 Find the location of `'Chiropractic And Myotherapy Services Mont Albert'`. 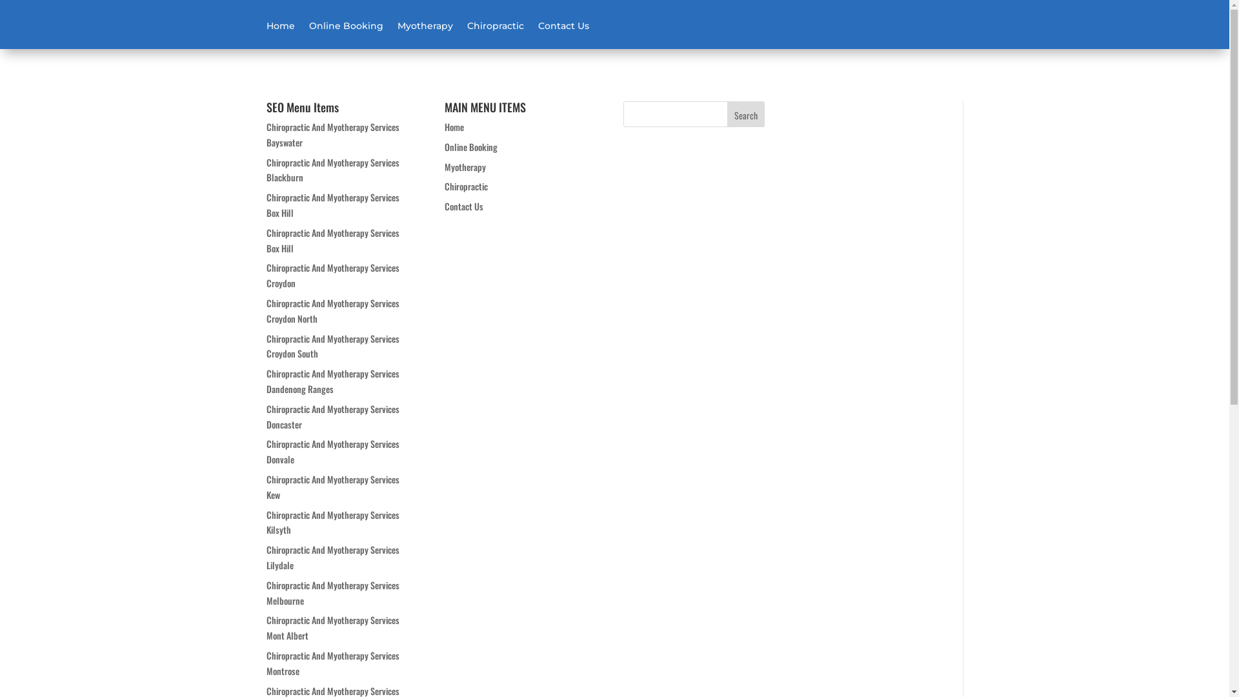

'Chiropractic And Myotherapy Services Mont Albert' is located at coordinates (332, 627).